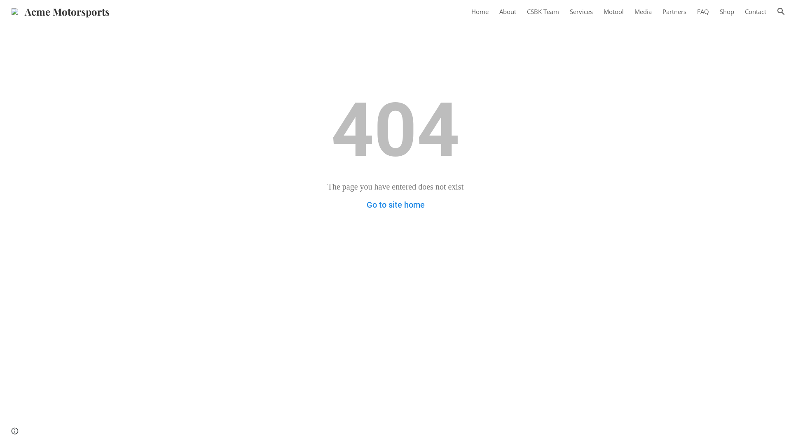  What do you see at coordinates (543, 11) in the screenshot?
I see `'CSBK Team'` at bounding box center [543, 11].